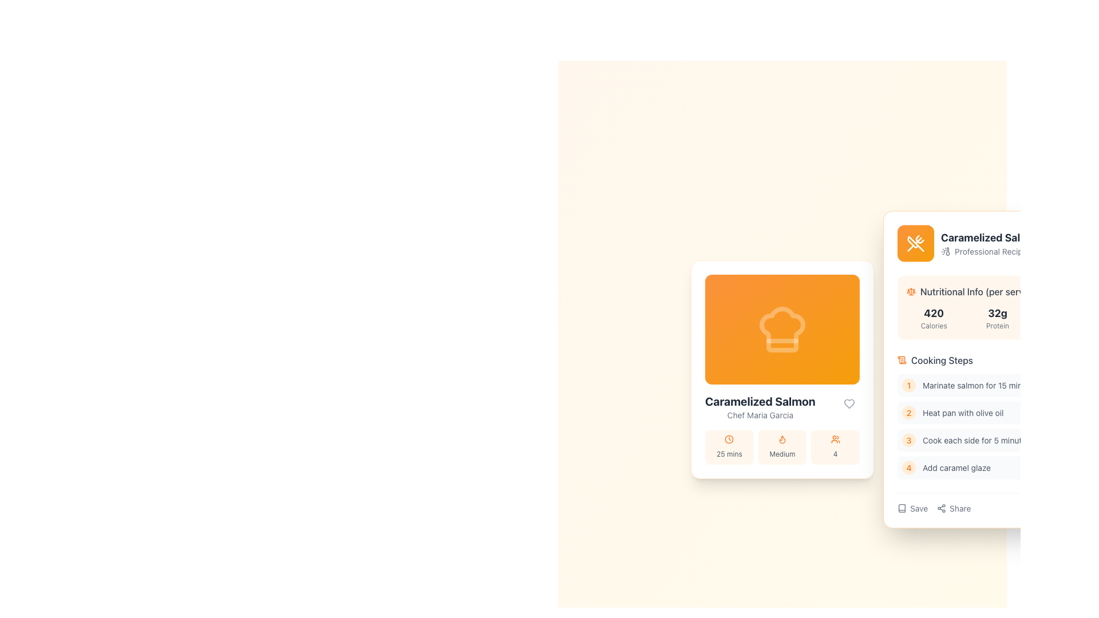 The image size is (1099, 618). What do you see at coordinates (883, 369) in the screenshot?
I see `the decorative pointer or indicator located on the left border of the right panel, which visually guides the user towards the associated content on the left panel` at bounding box center [883, 369].